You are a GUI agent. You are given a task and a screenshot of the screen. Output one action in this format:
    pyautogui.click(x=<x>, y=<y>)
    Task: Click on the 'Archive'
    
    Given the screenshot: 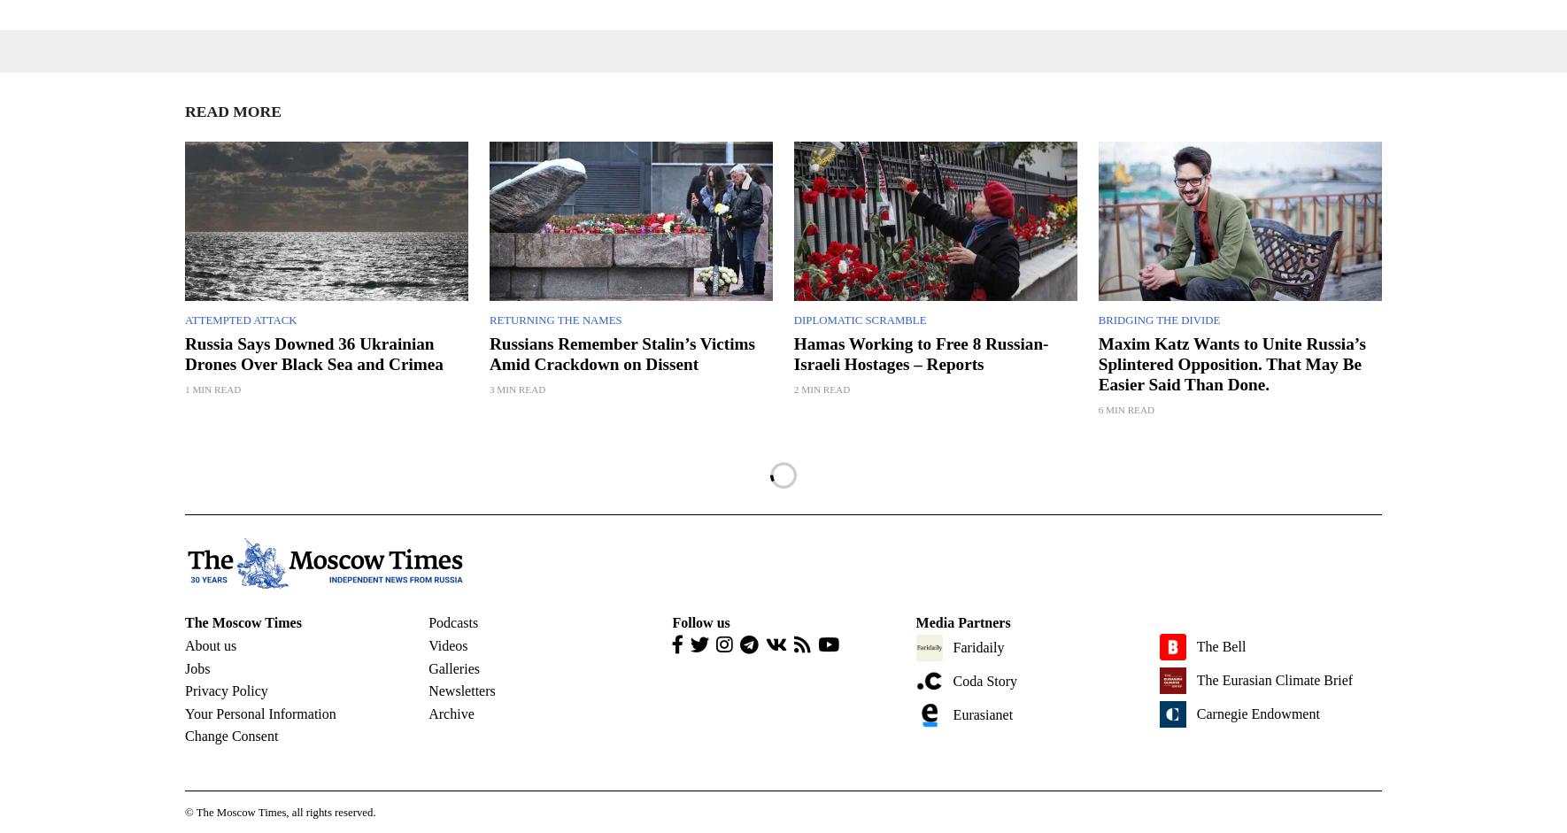 What is the action you would take?
    pyautogui.click(x=451, y=713)
    